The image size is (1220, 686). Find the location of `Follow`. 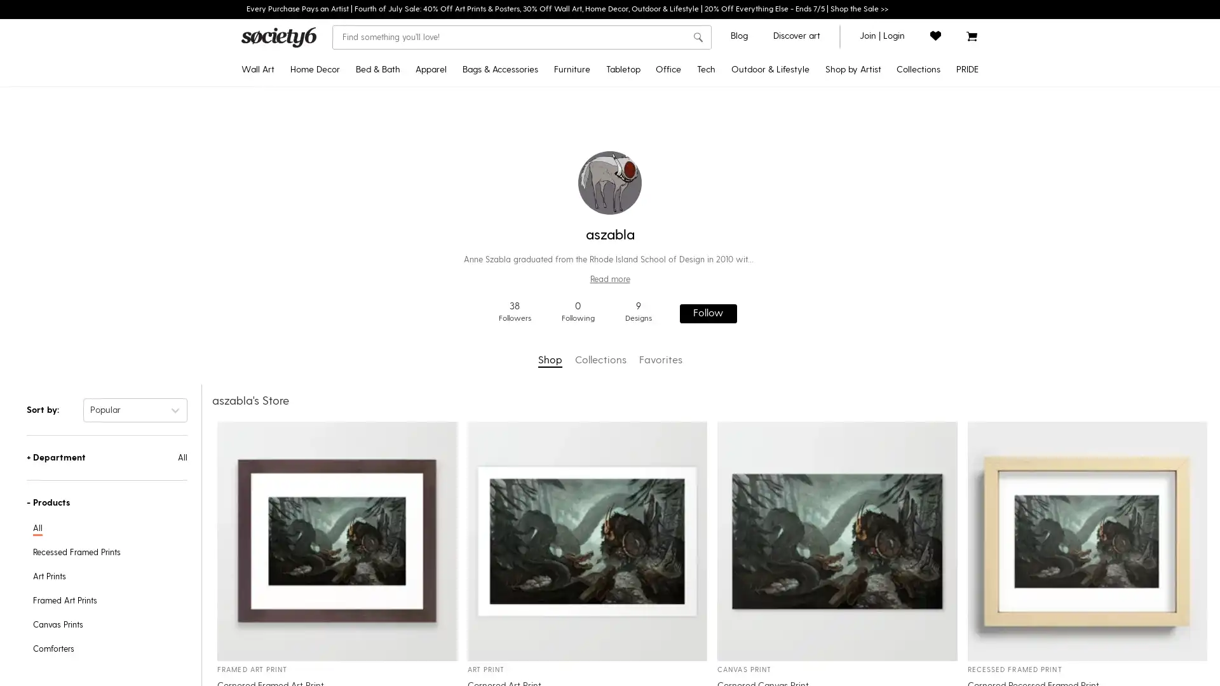

Follow is located at coordinates (707, 313).